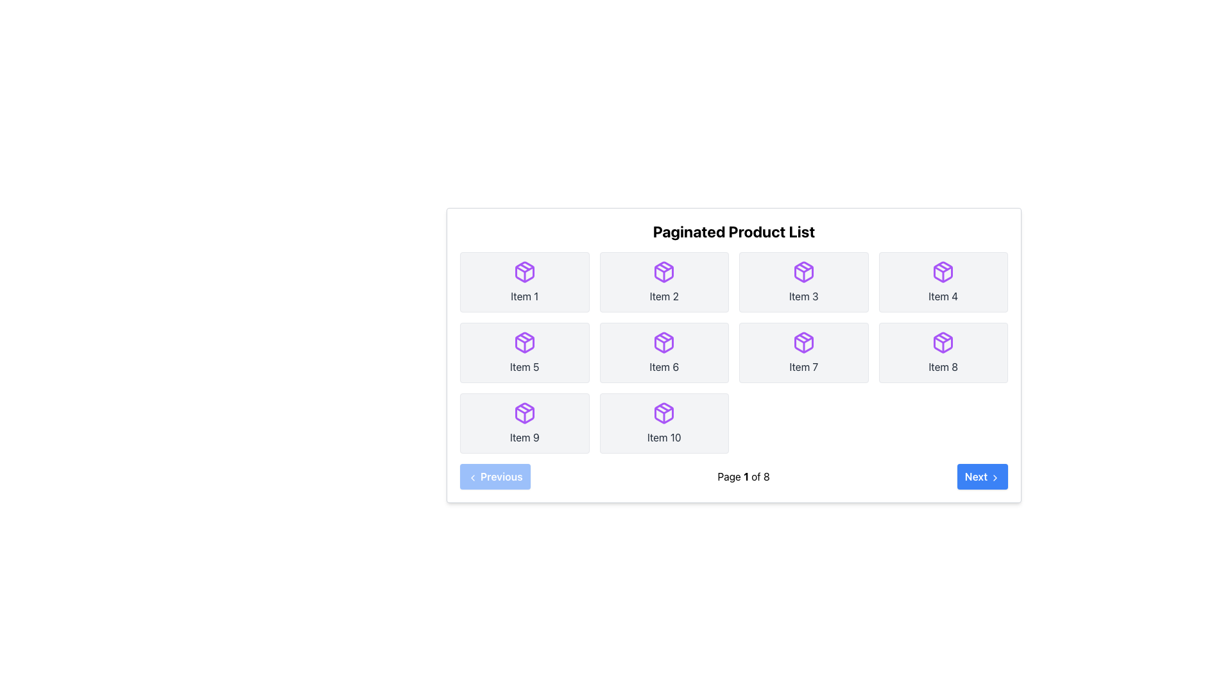  Describe the element at coordinates (943, 271) in the screenshot. I see `the purple package icon that is the fourth item in the first row of the grid layout, labeled 'Item 4'` at that location.